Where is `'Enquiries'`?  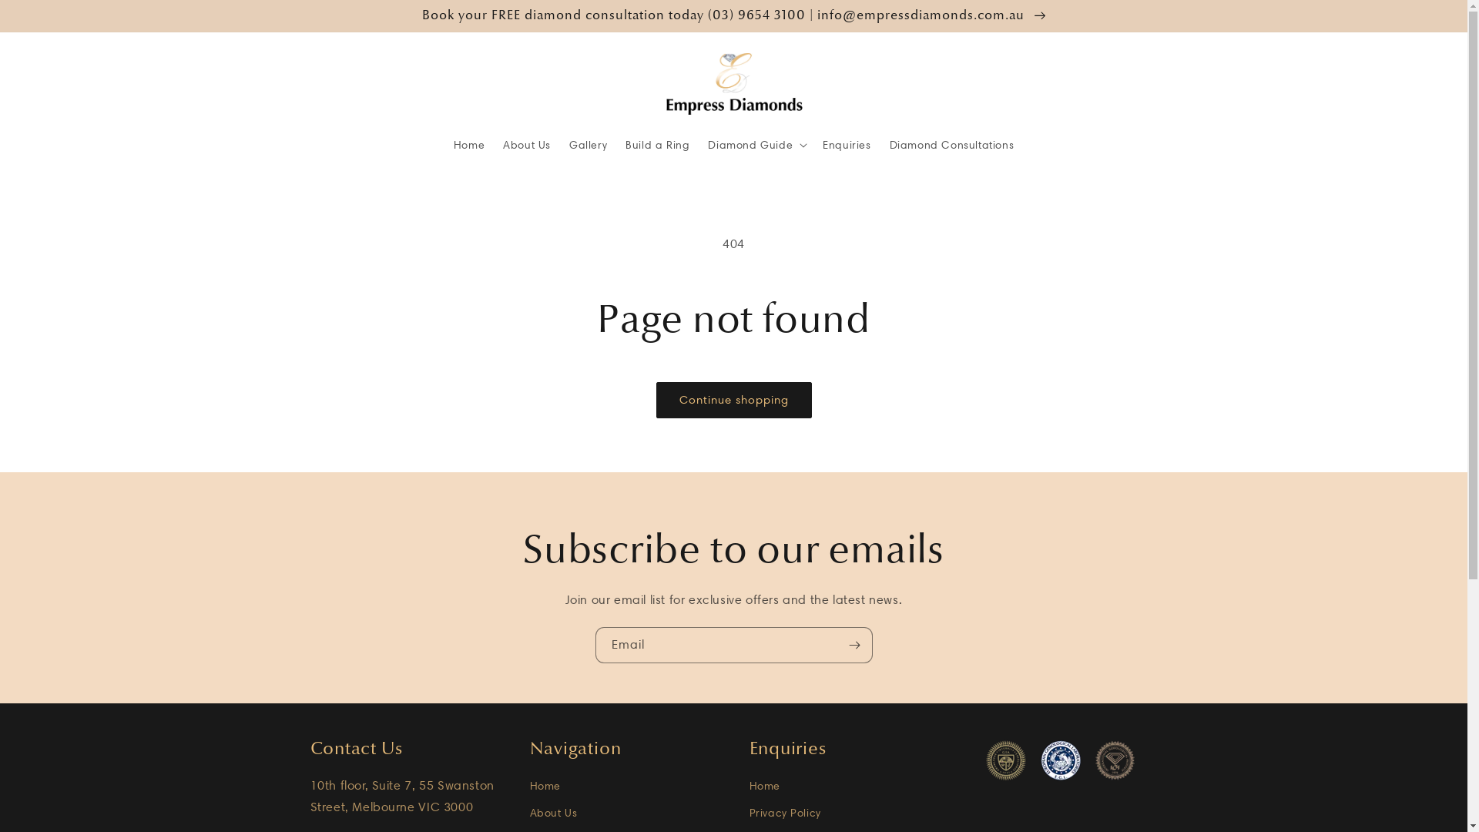 'Enquiries' is located at coordinates (846, 145).